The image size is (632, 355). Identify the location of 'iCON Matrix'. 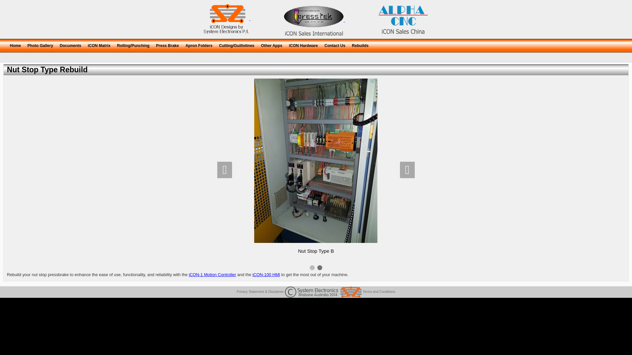
(99, 44).